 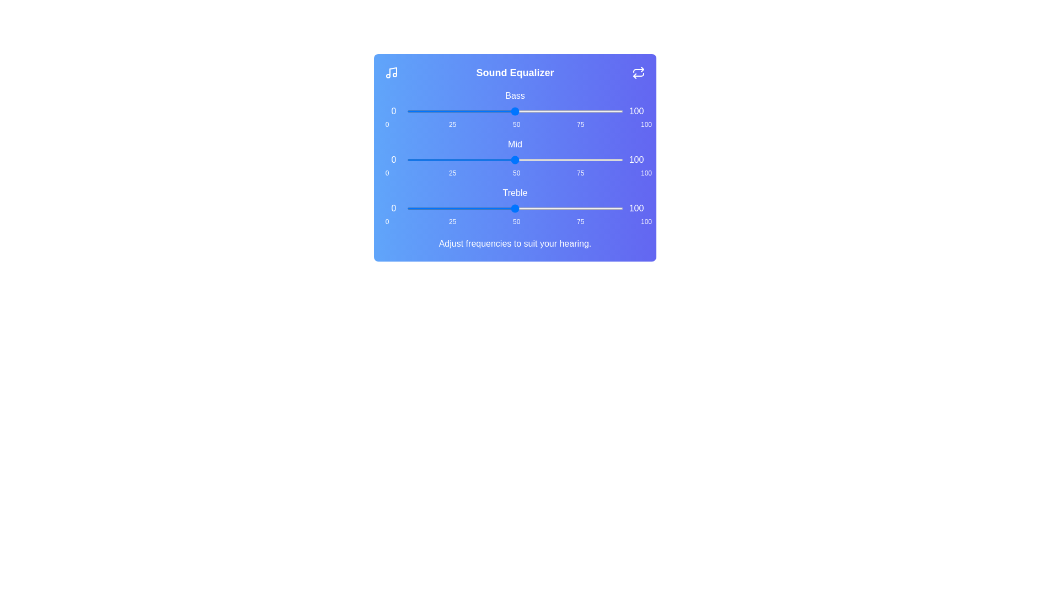 I want to click on the 'mid' slider to 88, so click(x=596, y=159).